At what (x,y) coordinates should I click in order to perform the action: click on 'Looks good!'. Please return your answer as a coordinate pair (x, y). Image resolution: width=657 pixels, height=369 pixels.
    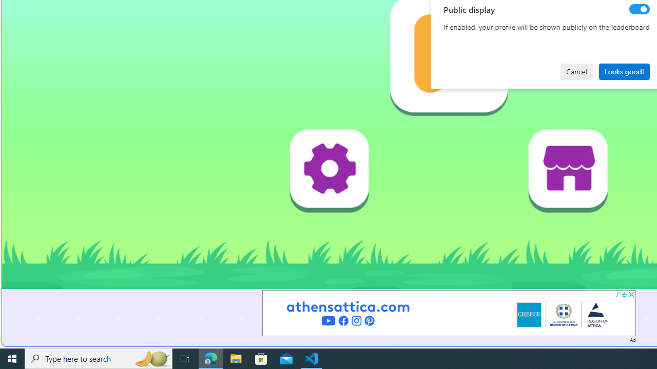
    Looking at the image, I should click on (624, 71).